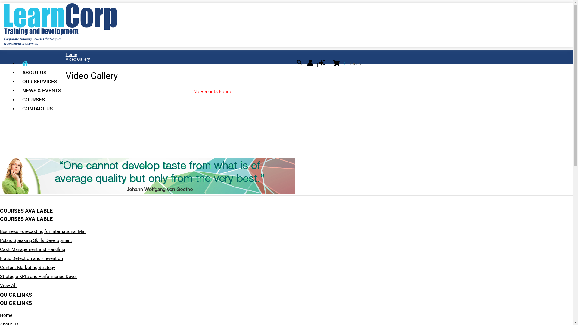 The height and width of the screenshot is (325, 578). What do you see at coordinates (42, 72) in the screenshot?
I see `'ABOUT US'` at bounding box center [42, 72].